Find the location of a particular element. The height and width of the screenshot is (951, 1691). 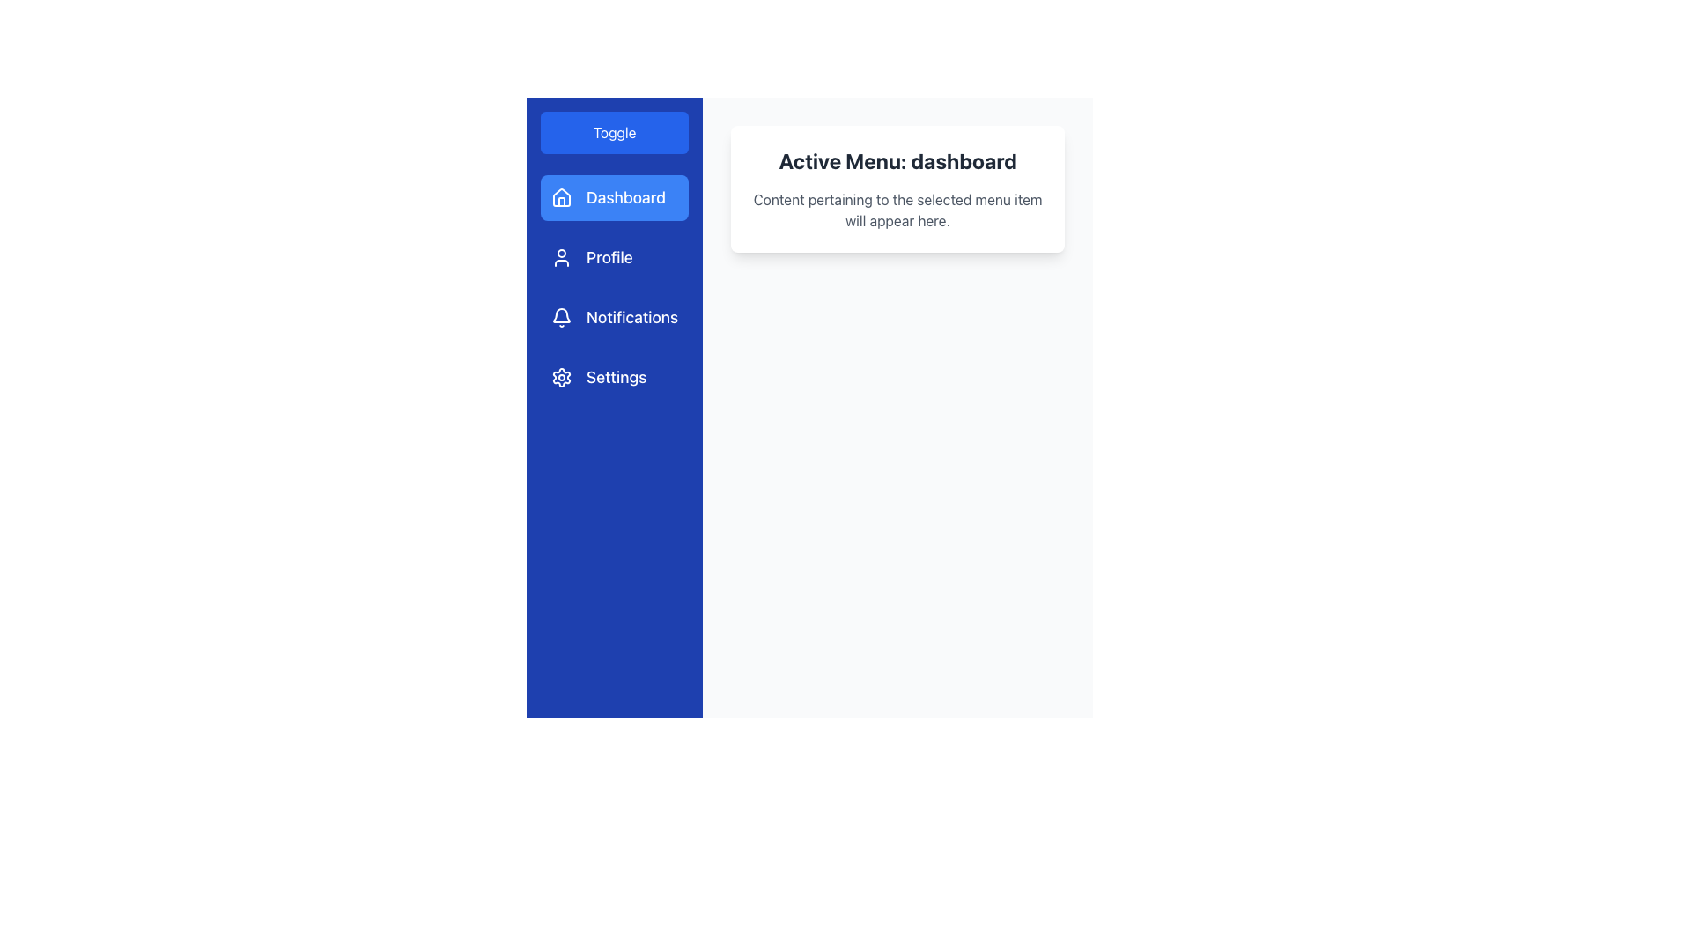

the 'Profile' navigation button located in the vertical menu below 'Dashboard' and above 'Notifications' is located at coordinates (614, 258).